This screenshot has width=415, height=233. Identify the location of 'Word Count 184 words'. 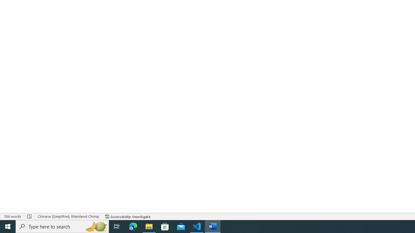
(12, 216).